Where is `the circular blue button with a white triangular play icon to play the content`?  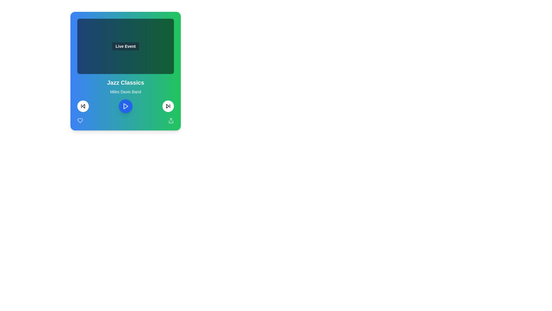 the circular blue button with a white triangular play icon to play the content is located at coordinates (125, 106).